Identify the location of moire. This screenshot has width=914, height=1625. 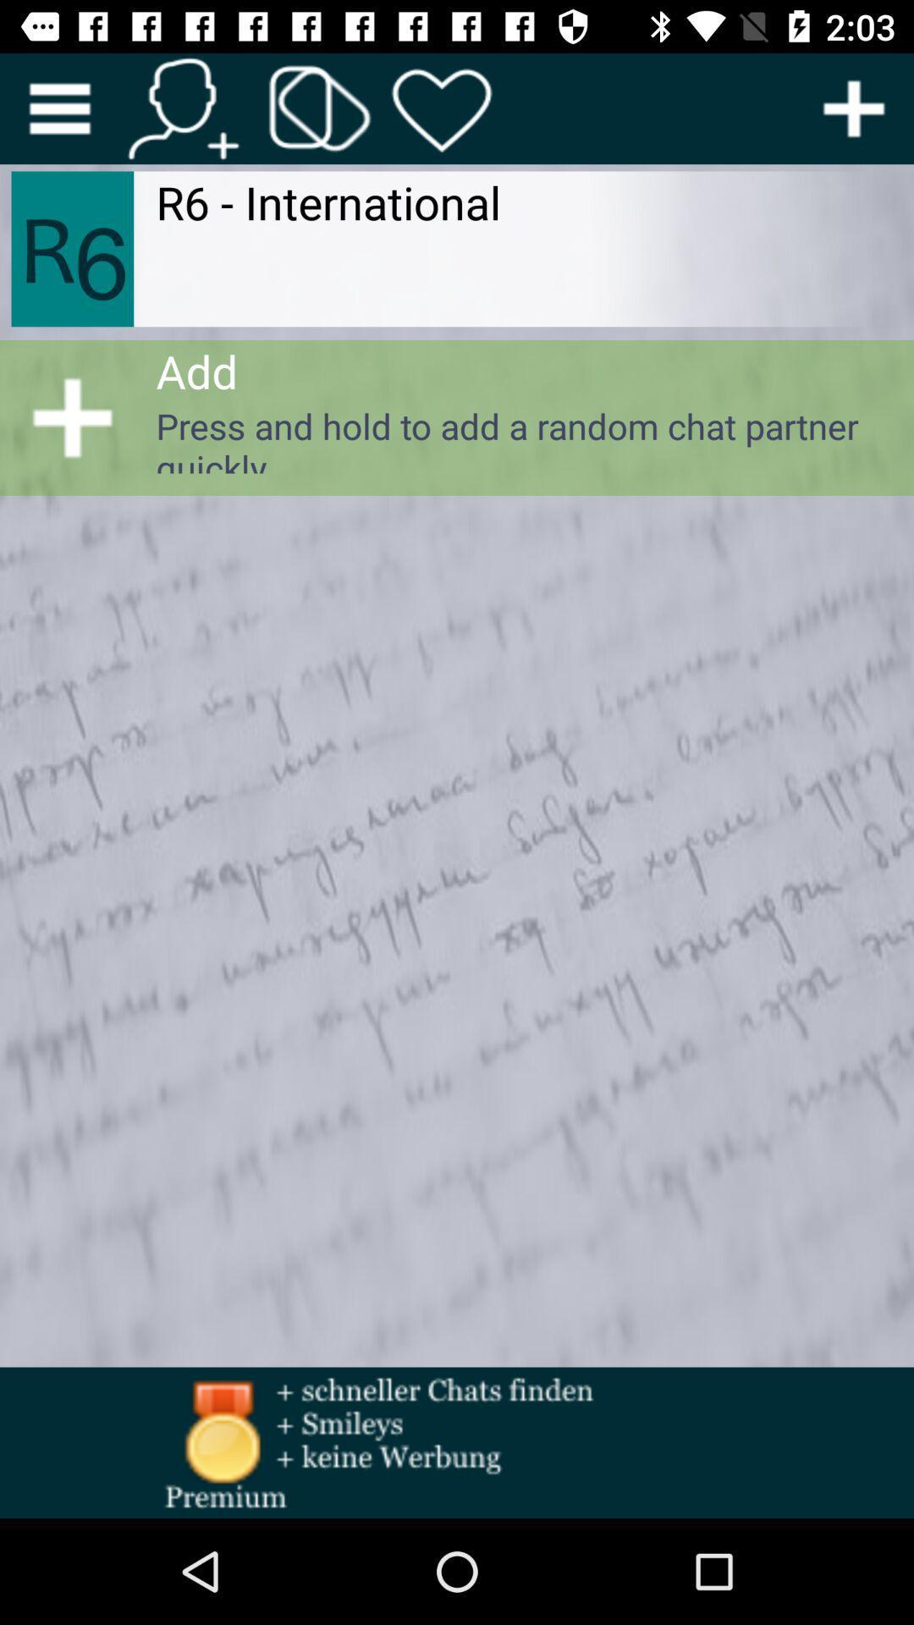
(854, 107).